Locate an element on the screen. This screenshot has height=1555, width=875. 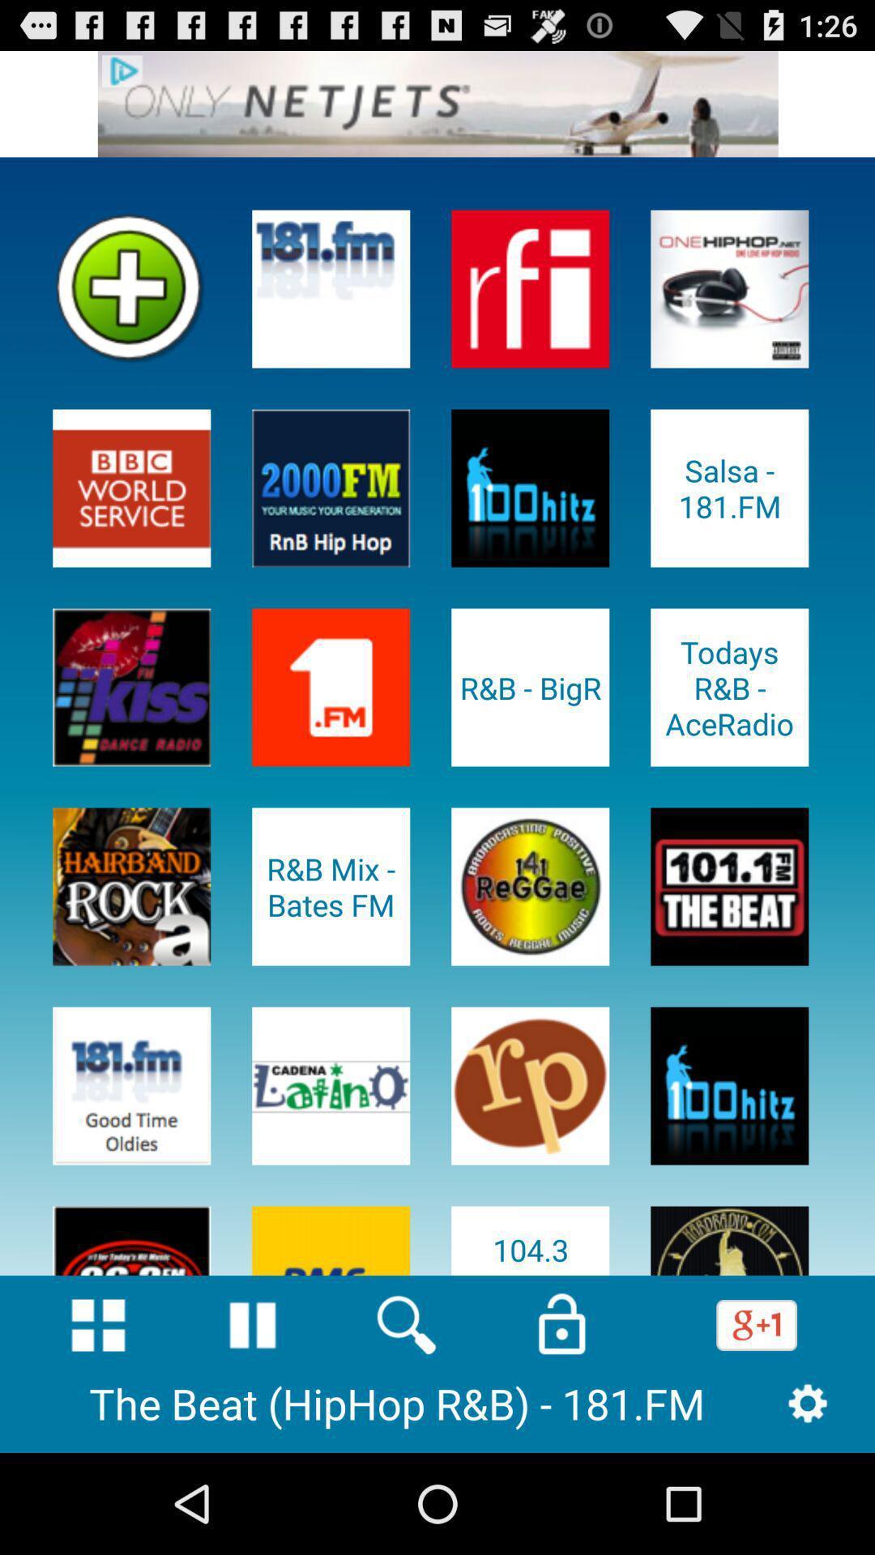
the search icon is located at coordinates (406, 1417).